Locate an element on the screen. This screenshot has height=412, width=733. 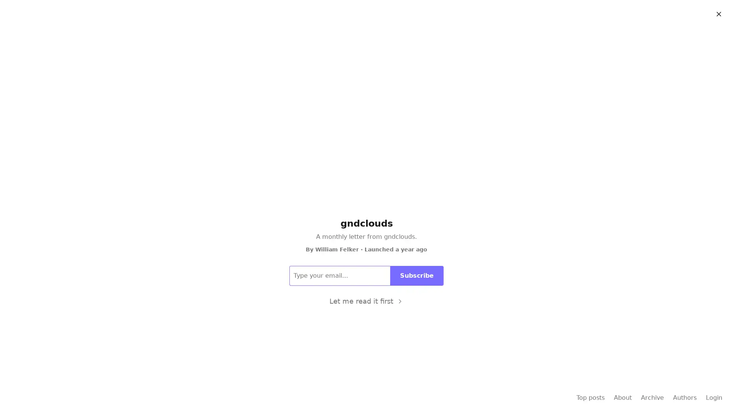
Let me read it first is located at coordinates (366, 301).